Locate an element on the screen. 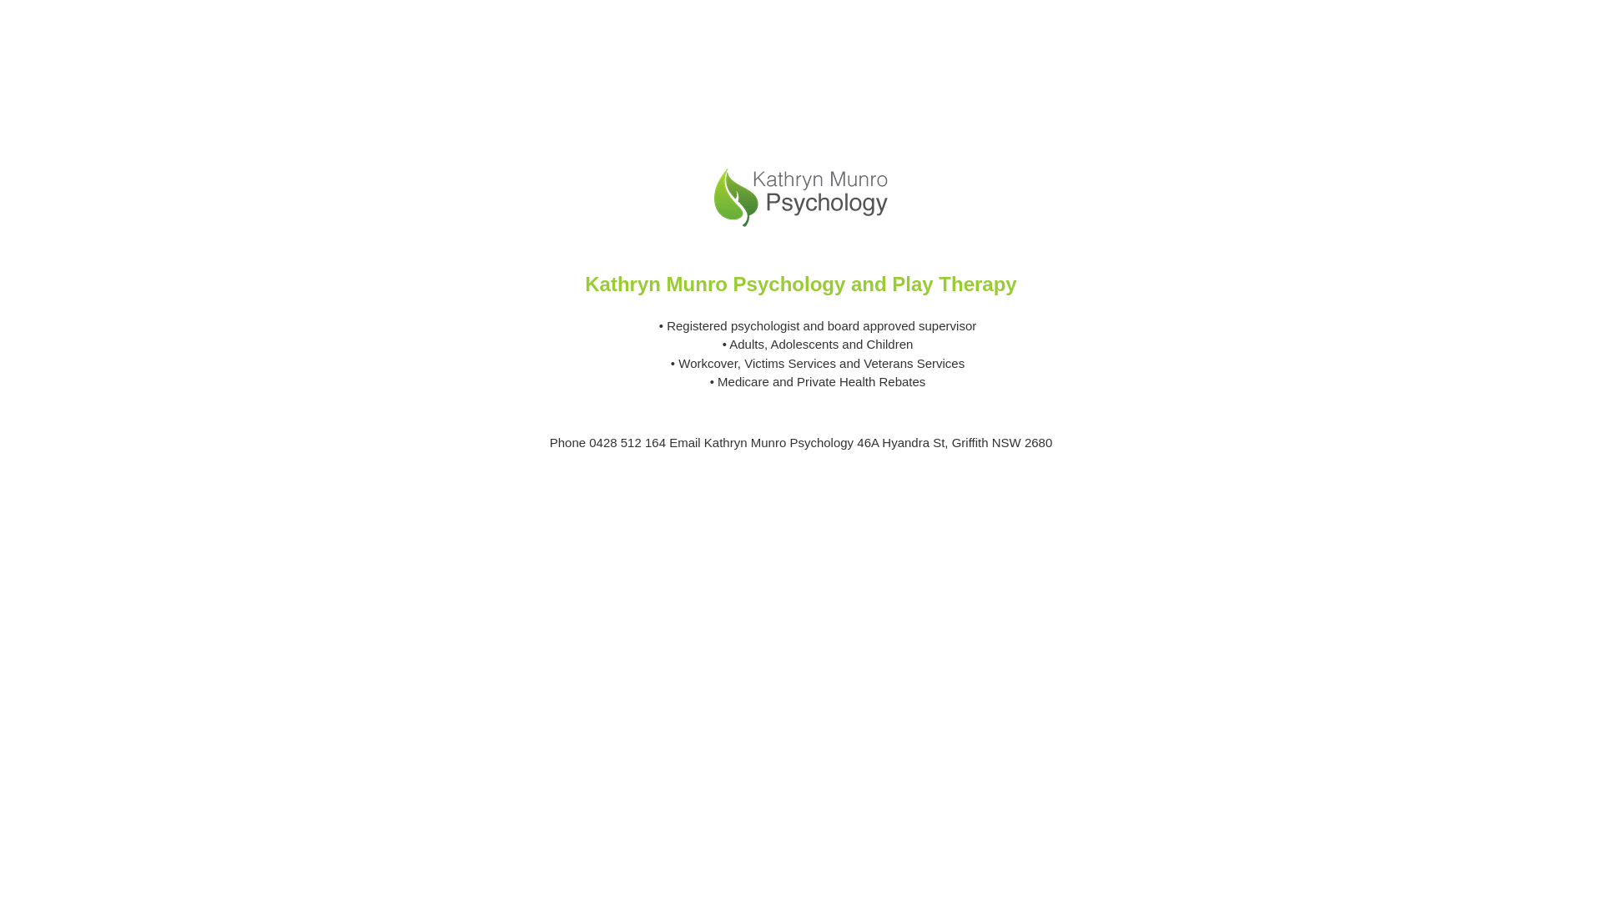 This screenshot has width=1602, height=901. '0428 512 164' is located at coordinates (588, 441).